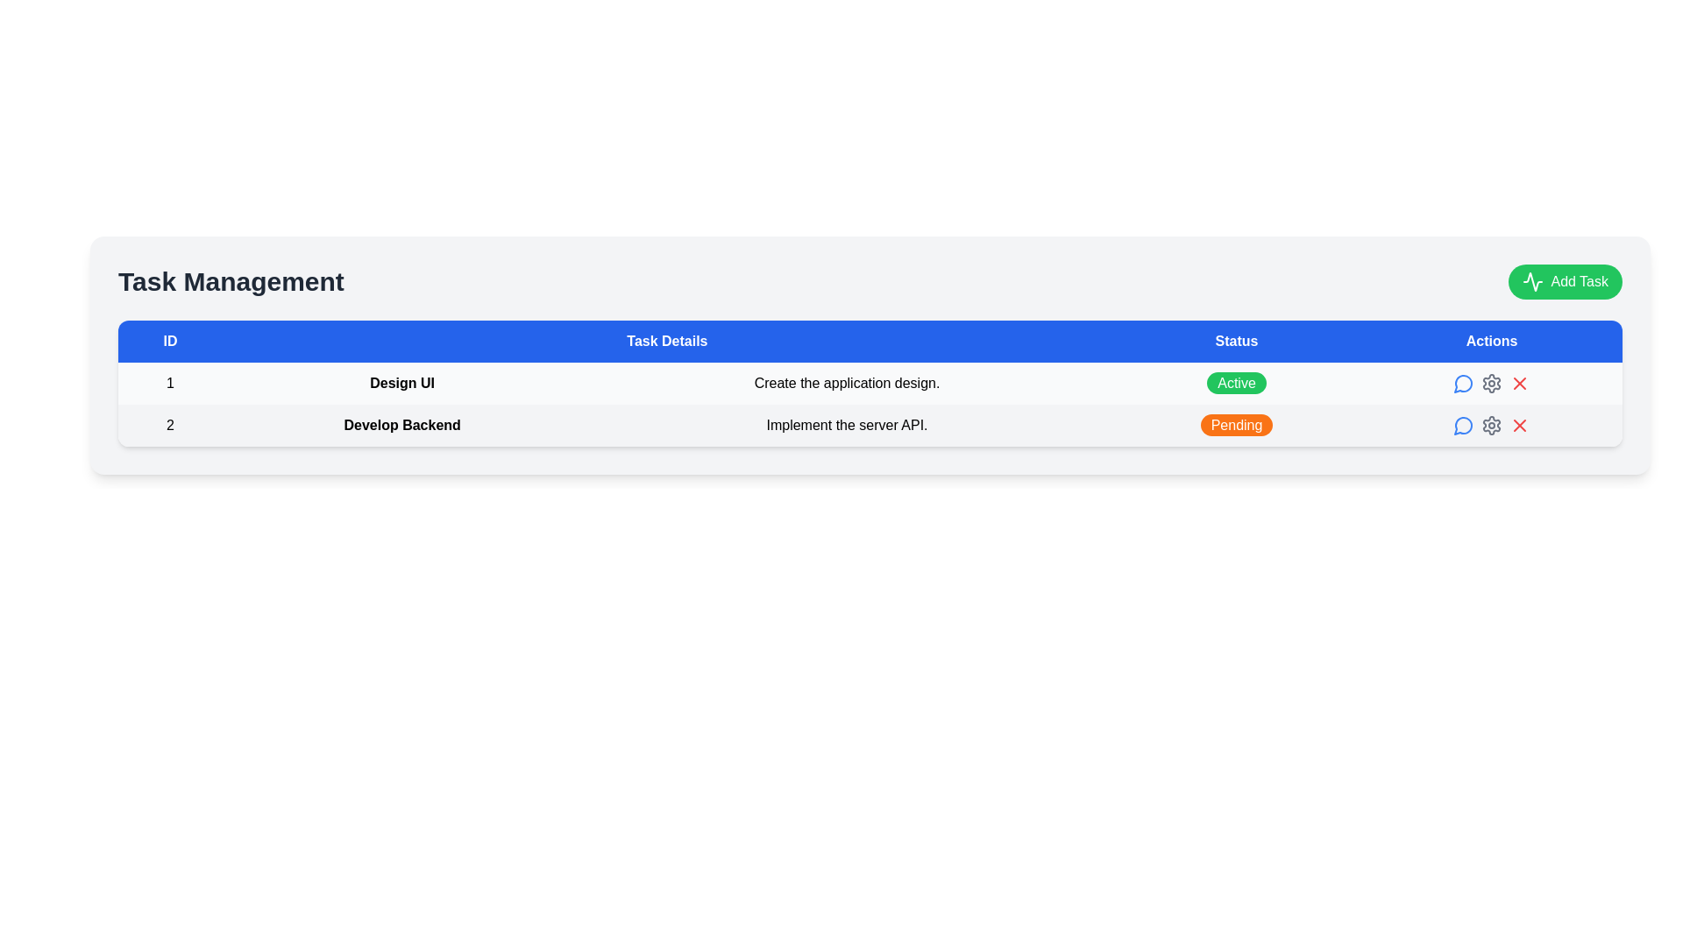 The width and height of the screenshot is (1683, 946). Describe the element at coordinates (847, 383) in the screenshot. I see `the Text label in the third column of the first data row under the 'Task Details' header in the table` at that location.